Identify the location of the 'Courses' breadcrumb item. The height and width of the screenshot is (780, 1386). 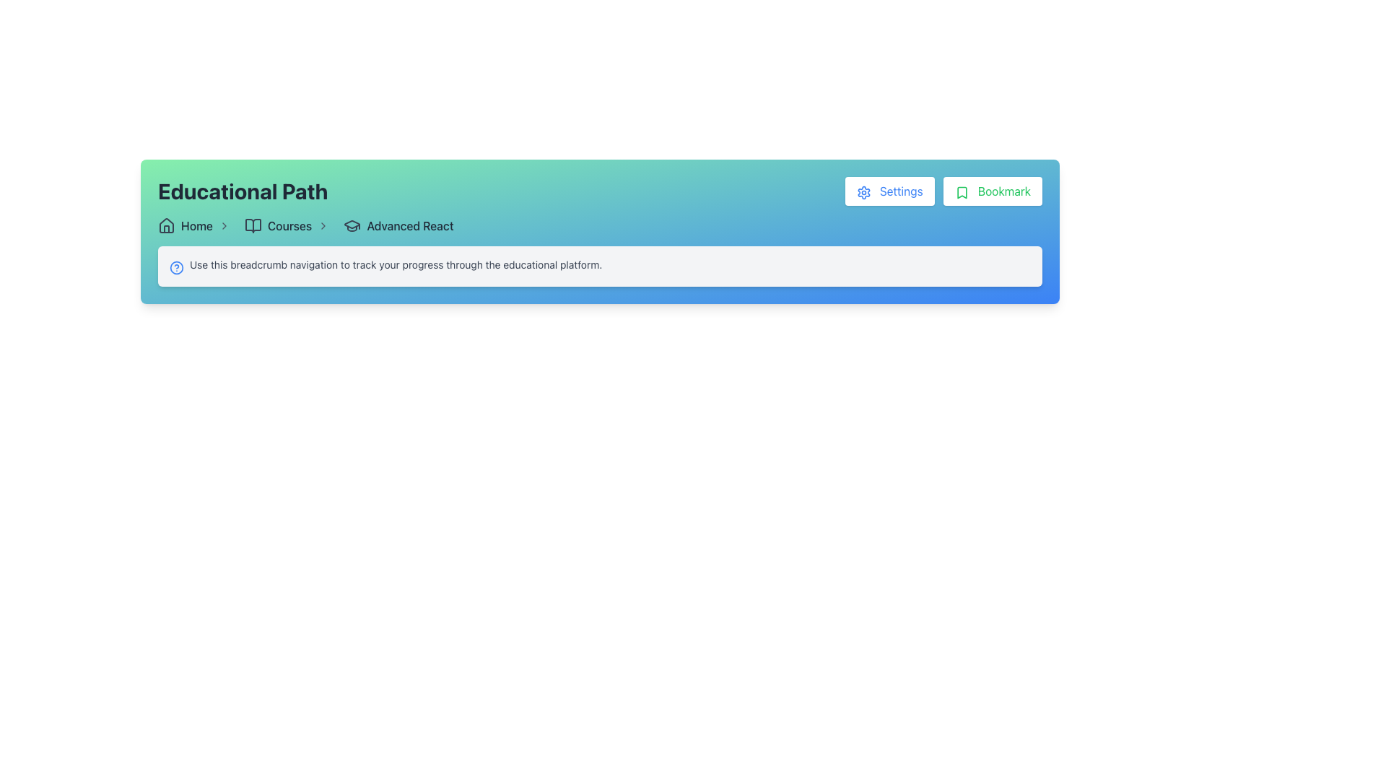
(289, 225).